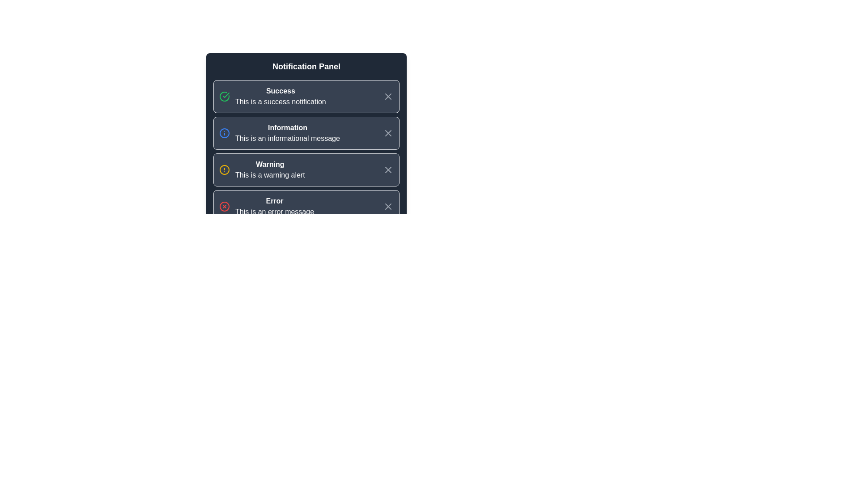 The height and width of the screenshot is (483, 859). I want to click on the yellow circular outline with a filled center that forms part of the 'Warning' notification icon located in the third row of the notification list, so click(225, 170).